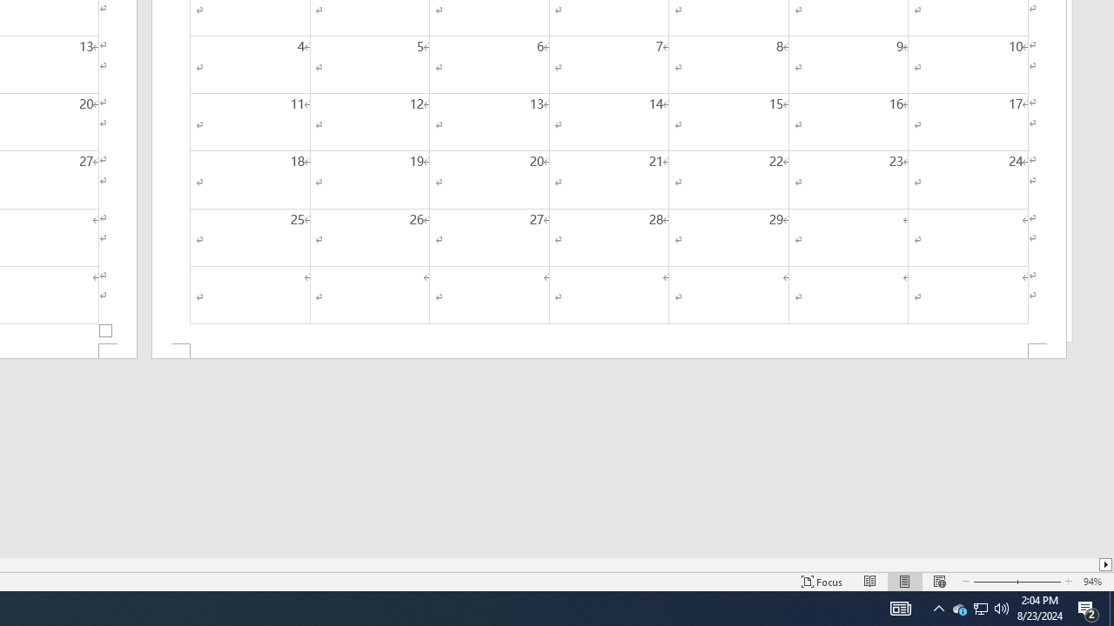 The width and height of the screenshot is (1114, 626). I want to click on 'Read Mode', so click(870, 582).